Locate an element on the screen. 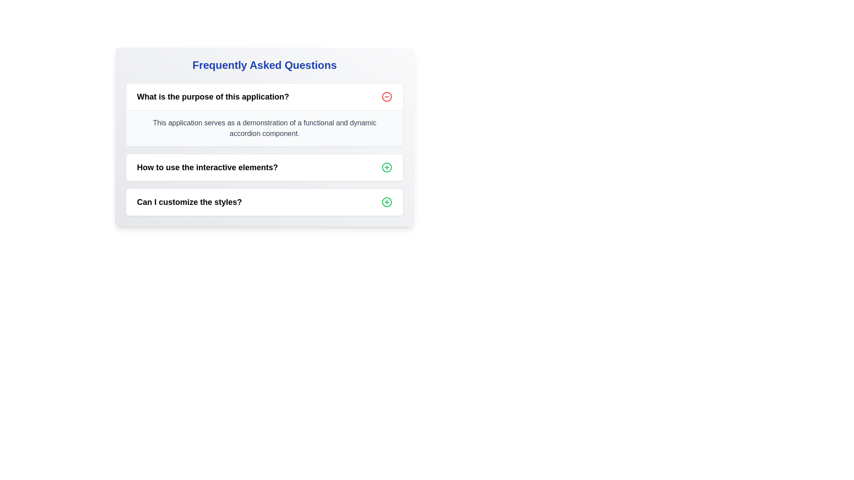 The width and height of the screenshot is (854, 480). the button on the far-right side of the row labeled 'Can I customize the styles?' is located at coordinates (387, 202).